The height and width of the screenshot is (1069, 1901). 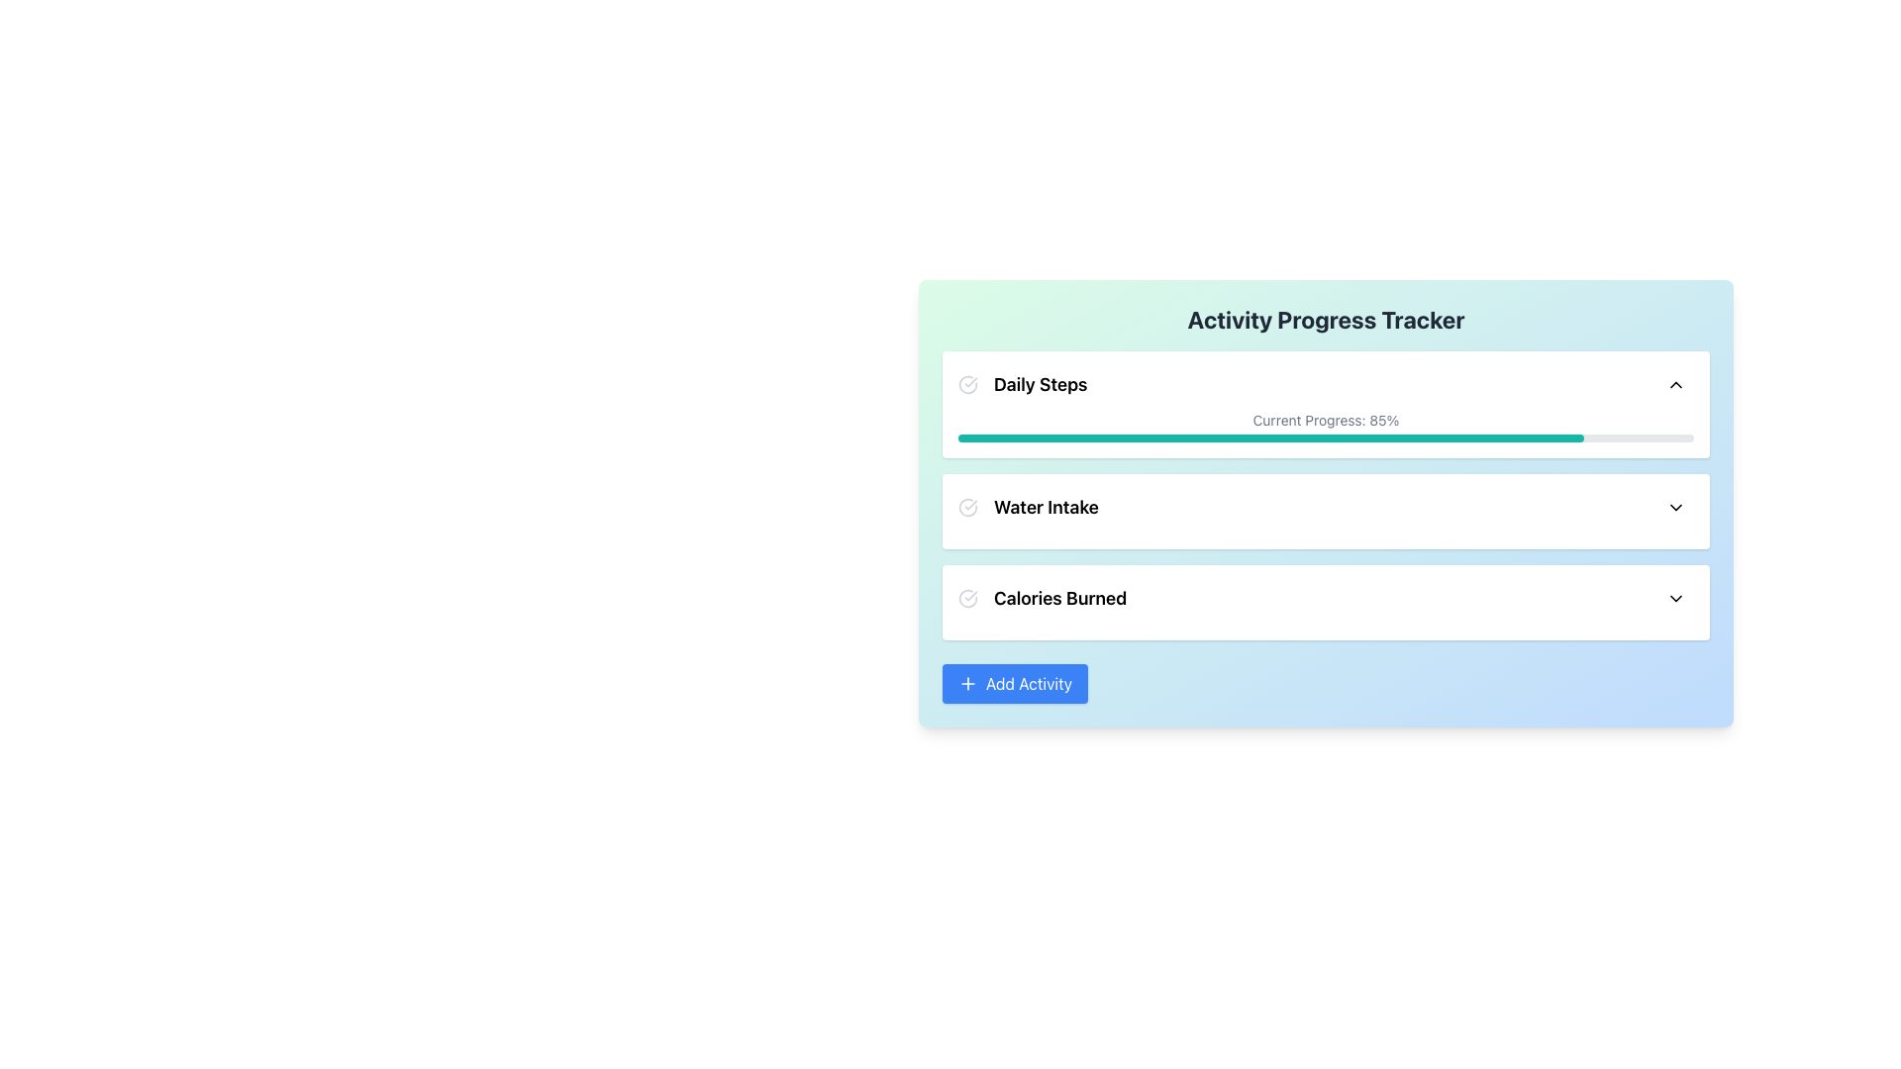 What do you see at coordinates (1040, 385) in the screenshot?
I see `text of the bold label 'Daily Steps' located at the top-left corner of the activity section, beside the checkmark icon` at bounding box center [1040, 385].